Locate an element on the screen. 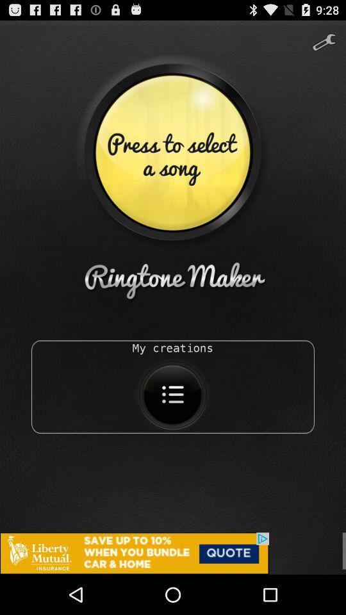 This screenshot has height=615, width=346. settings is located at coordinates (323, 37).